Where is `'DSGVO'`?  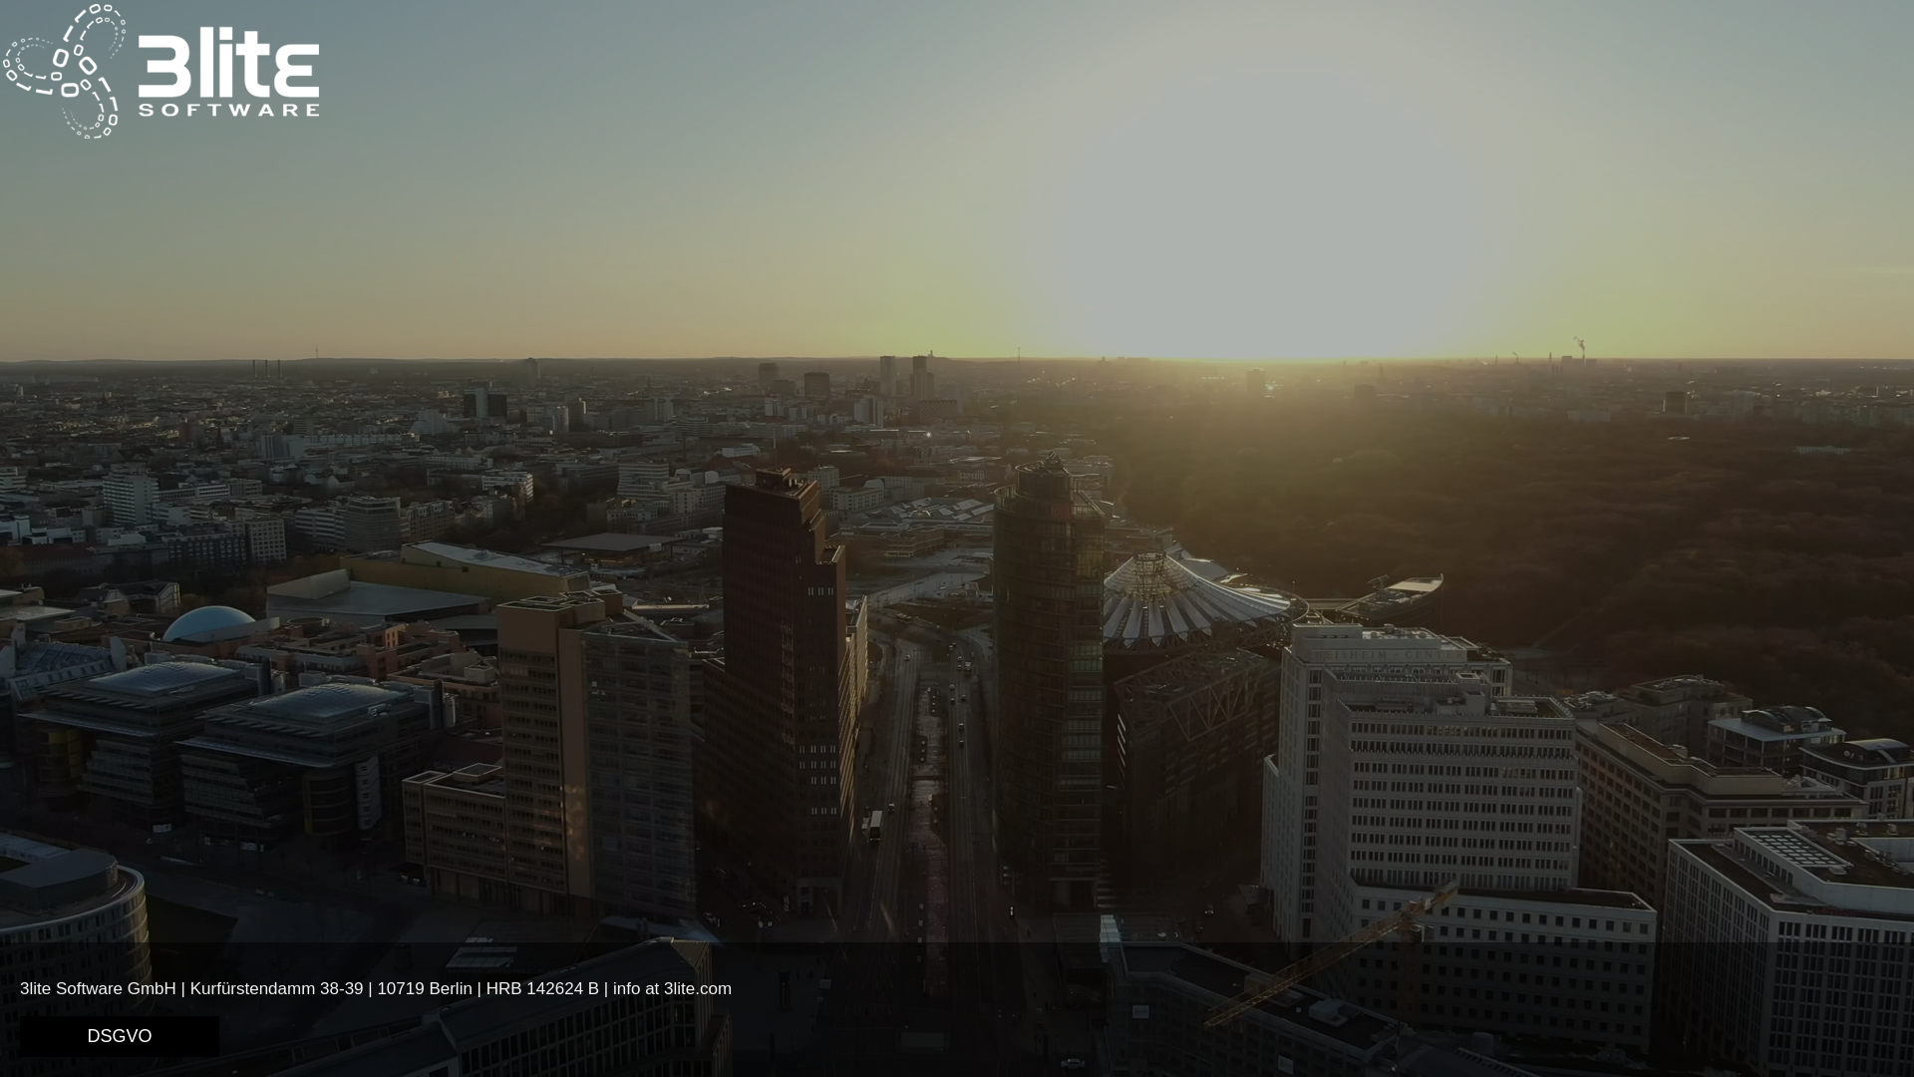 'DSGVO' is located at coordinates (119, 1035).